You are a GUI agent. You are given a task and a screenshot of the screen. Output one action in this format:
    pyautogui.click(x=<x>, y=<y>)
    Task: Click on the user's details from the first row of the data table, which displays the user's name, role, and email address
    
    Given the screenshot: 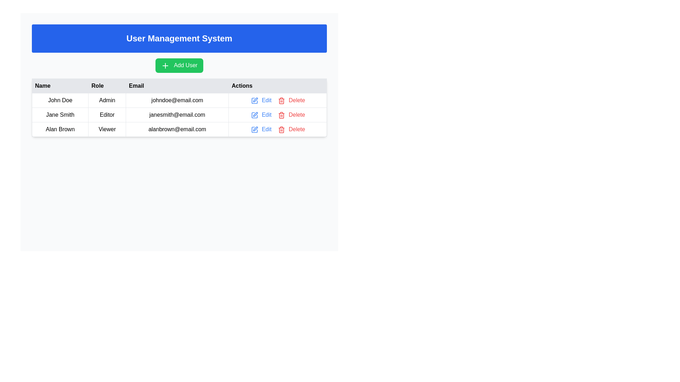 What is the action you would take?
    pyautogui.click(x=179, y=100)
    